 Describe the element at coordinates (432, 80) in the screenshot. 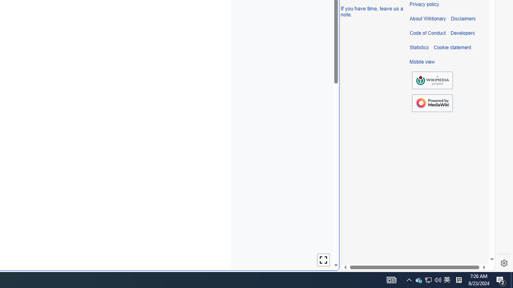

I see `'Wikimedia Foundation'` at that location.